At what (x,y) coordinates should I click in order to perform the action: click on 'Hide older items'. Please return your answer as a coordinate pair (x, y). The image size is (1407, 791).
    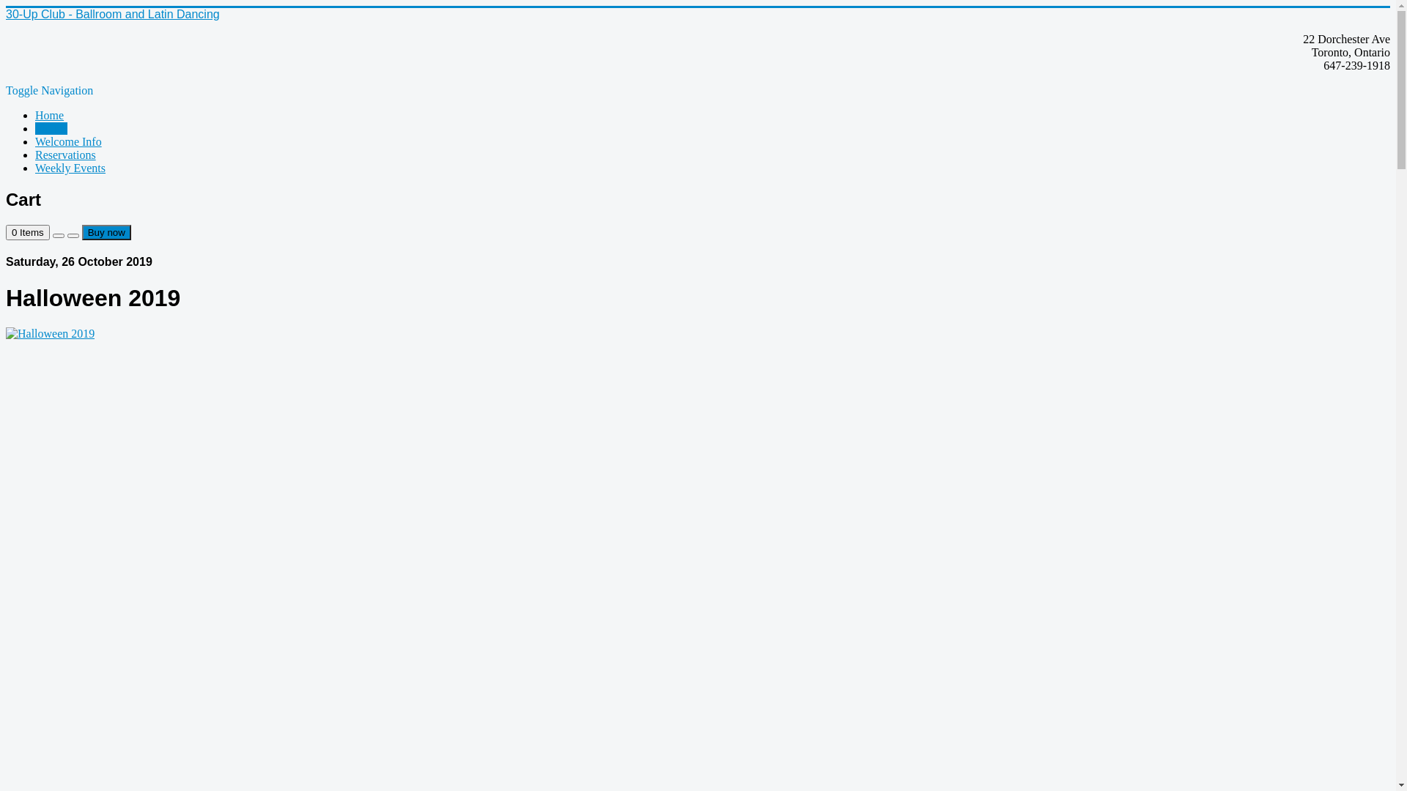
    Looking at the image, I should click on (73, 234).